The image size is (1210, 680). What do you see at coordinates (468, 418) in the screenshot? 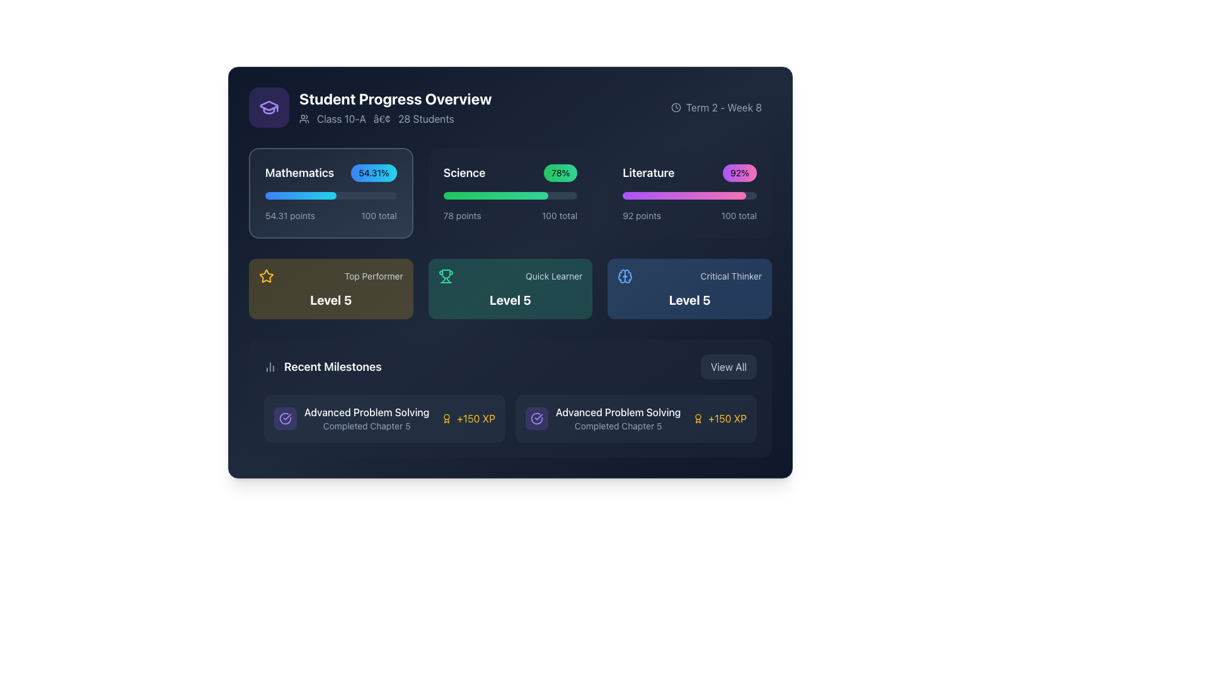
I see `the text '+150 XP' with the adjacent award icon, which is part of the 'Recent Milestones' section indicating earned experience points` at bounding box center [468, 418].